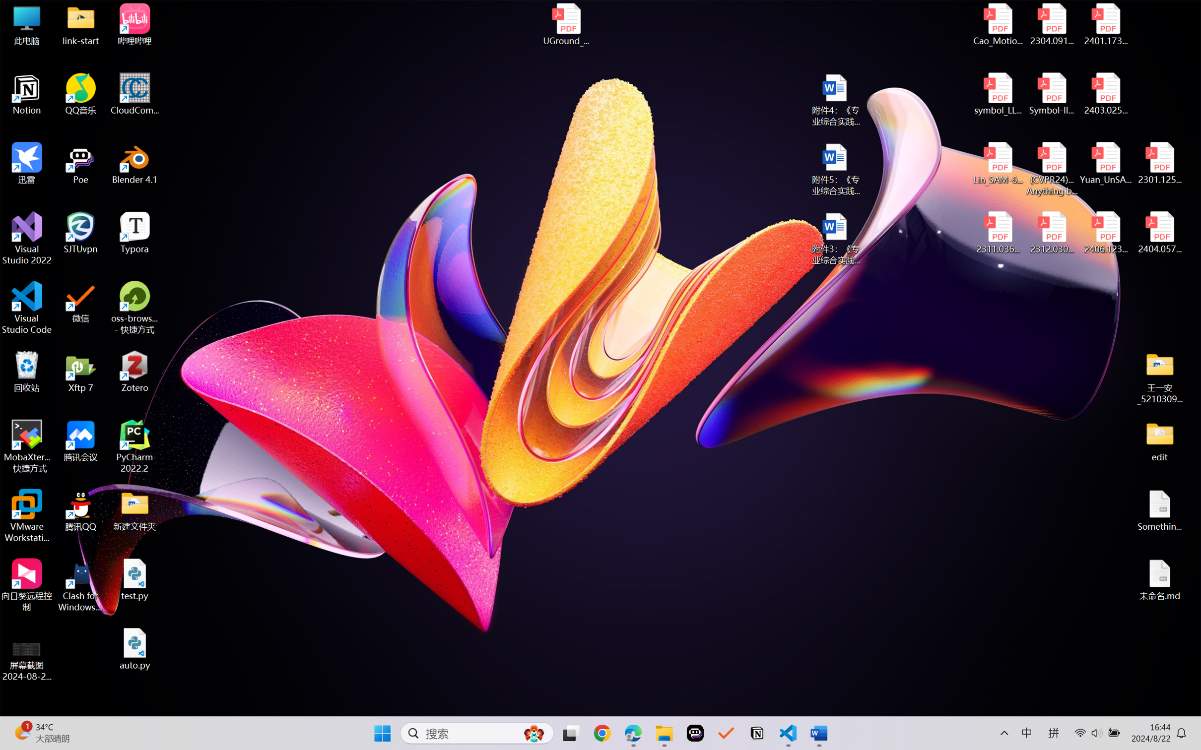 The image size is (1201, 750). What do you see at coordinates (1051, 24) in the screenshot?
I see `'2304.09121v3.pdf'` at bounding box center [1051, 24].